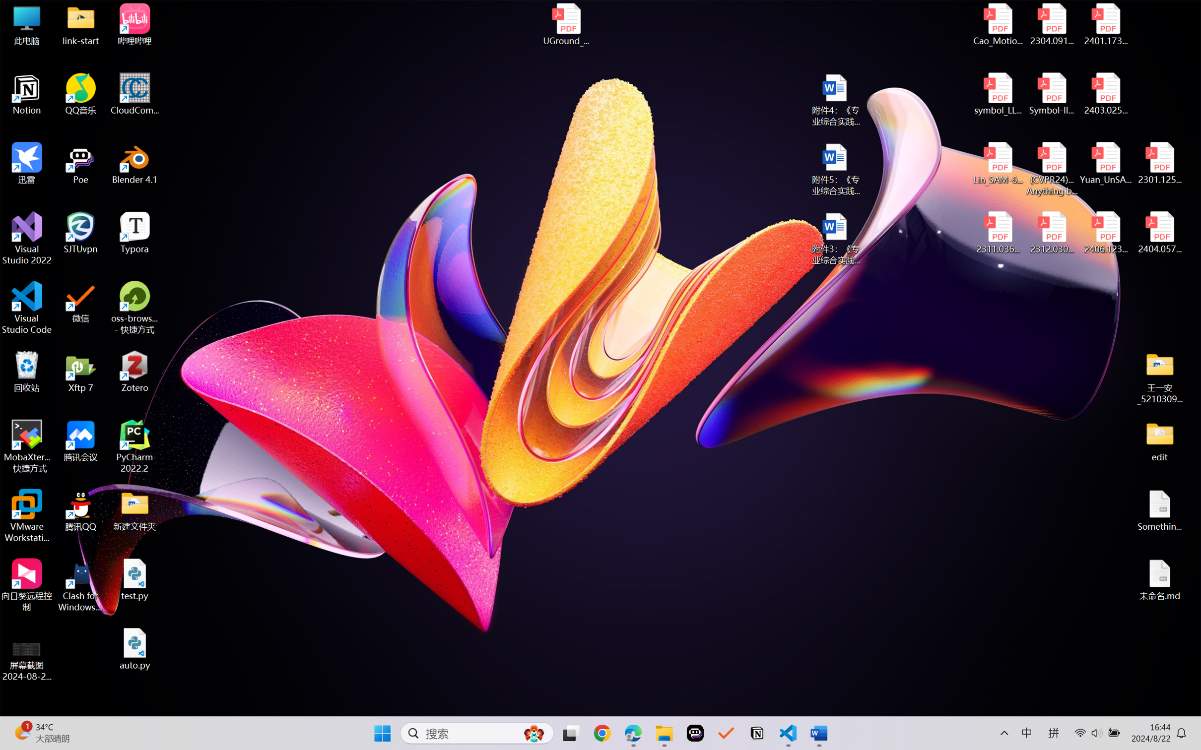 The image size is (1201, 750). What do you see at coordinates (1051, 24) in the screenshot?
I see `'2304.09121v3.pdf'` at bounding box center [1051, 24].